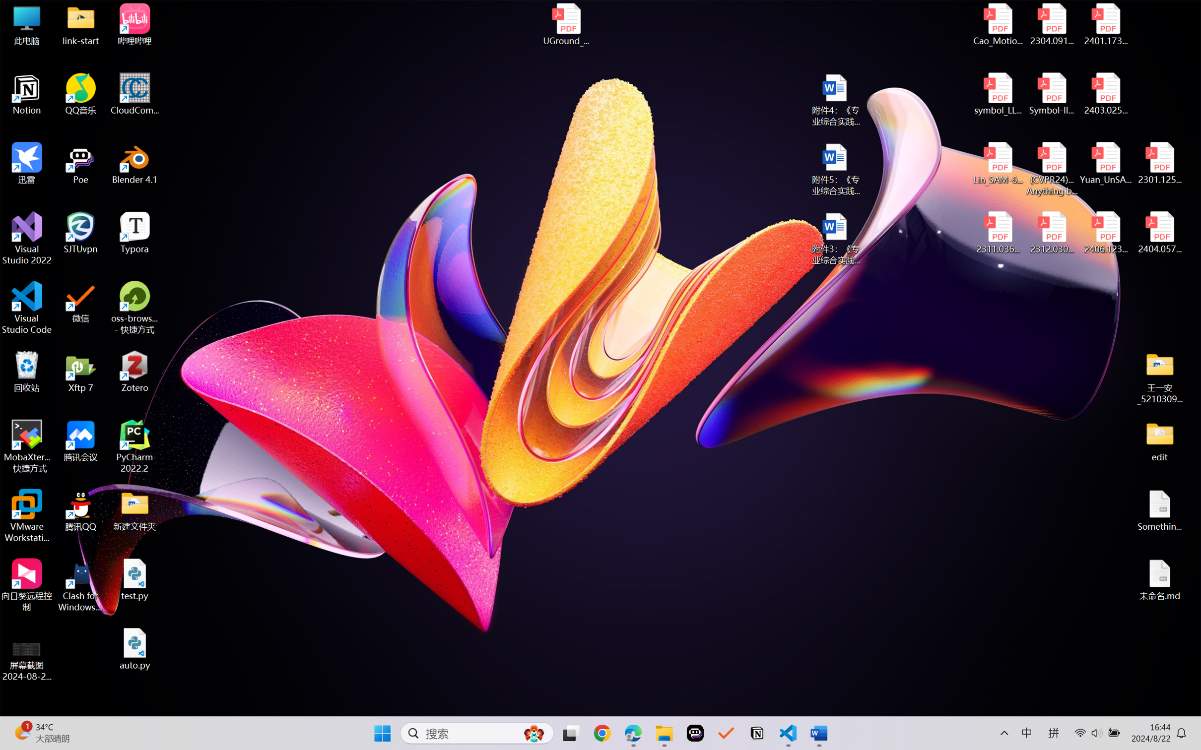 The image size is (1201, 750). What do you see at coordinates (1051, 24) in the screenshot?
I see `'2304.09121v3.pdf'` at bounding box center [1051, 24].